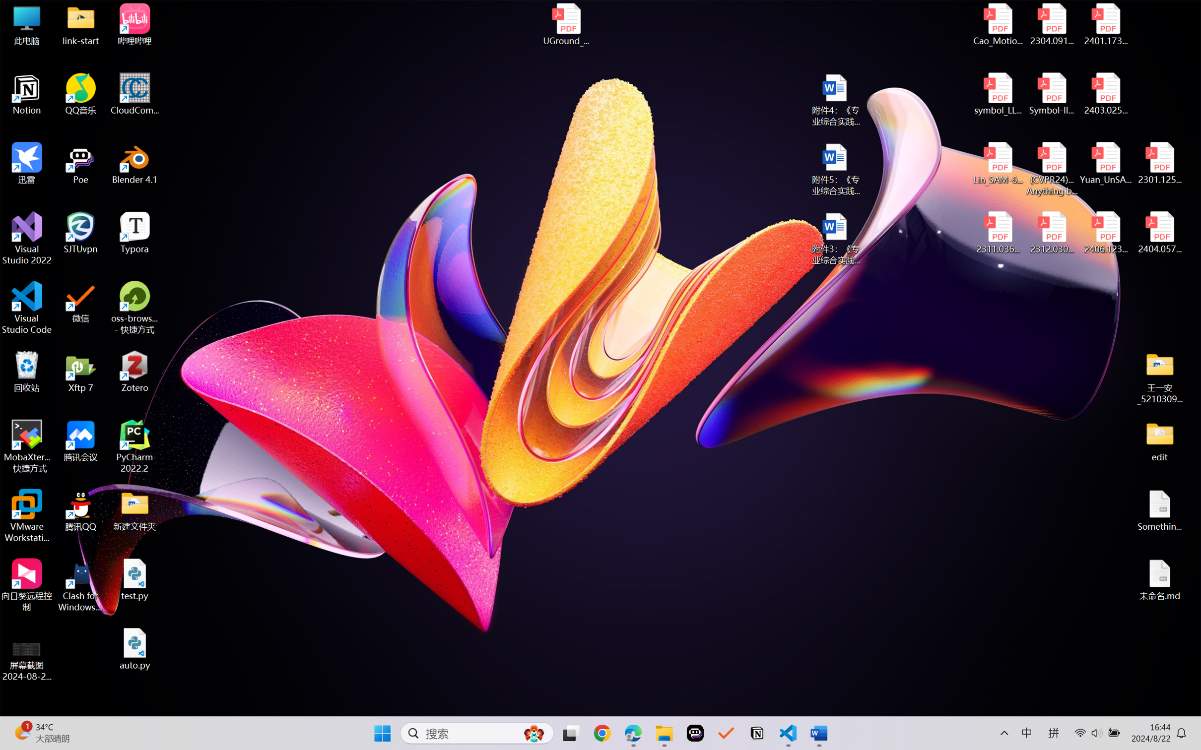 The image size is (1201, 750). What do you see at coordinates (1051, 24) in the screenshot?
I see `'2304.09121v3.pdf'` at bounding box center [1051, 24].